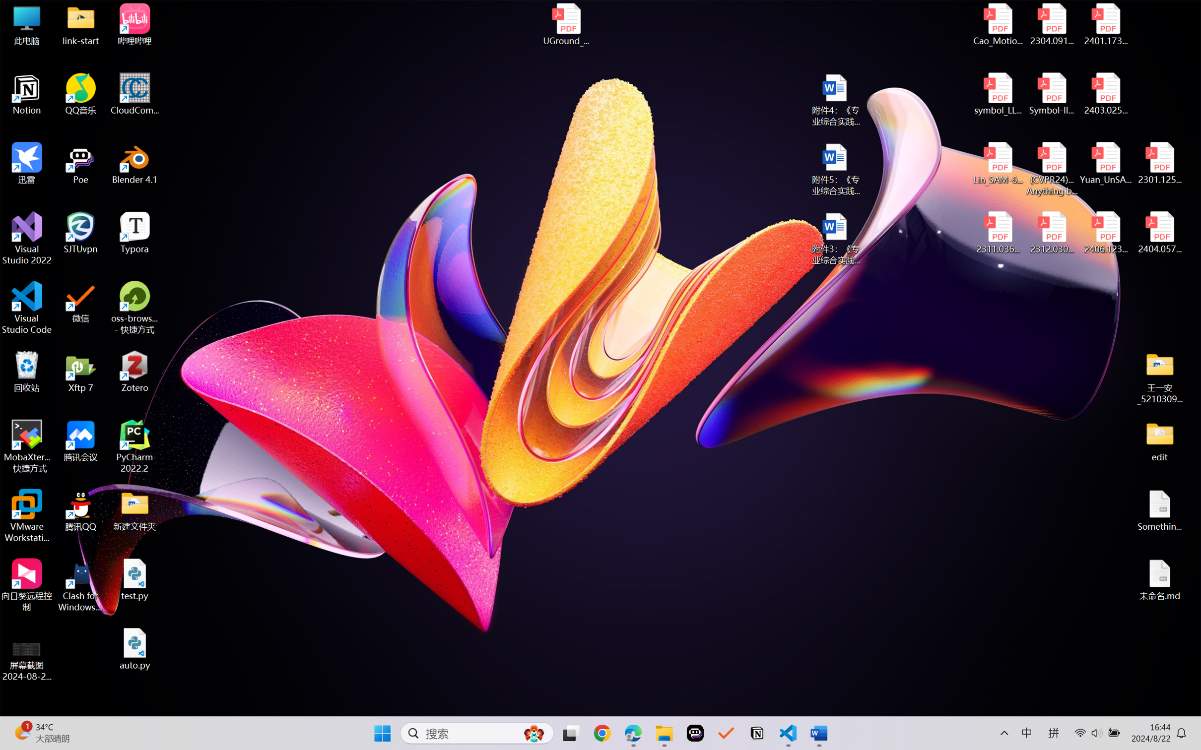 The image size is (1201, 750). What do you see at coordinates (1051, 24) in the screenshot?
I see `'2304.09121v3.pdf'` at bounding box center [1051, 24].